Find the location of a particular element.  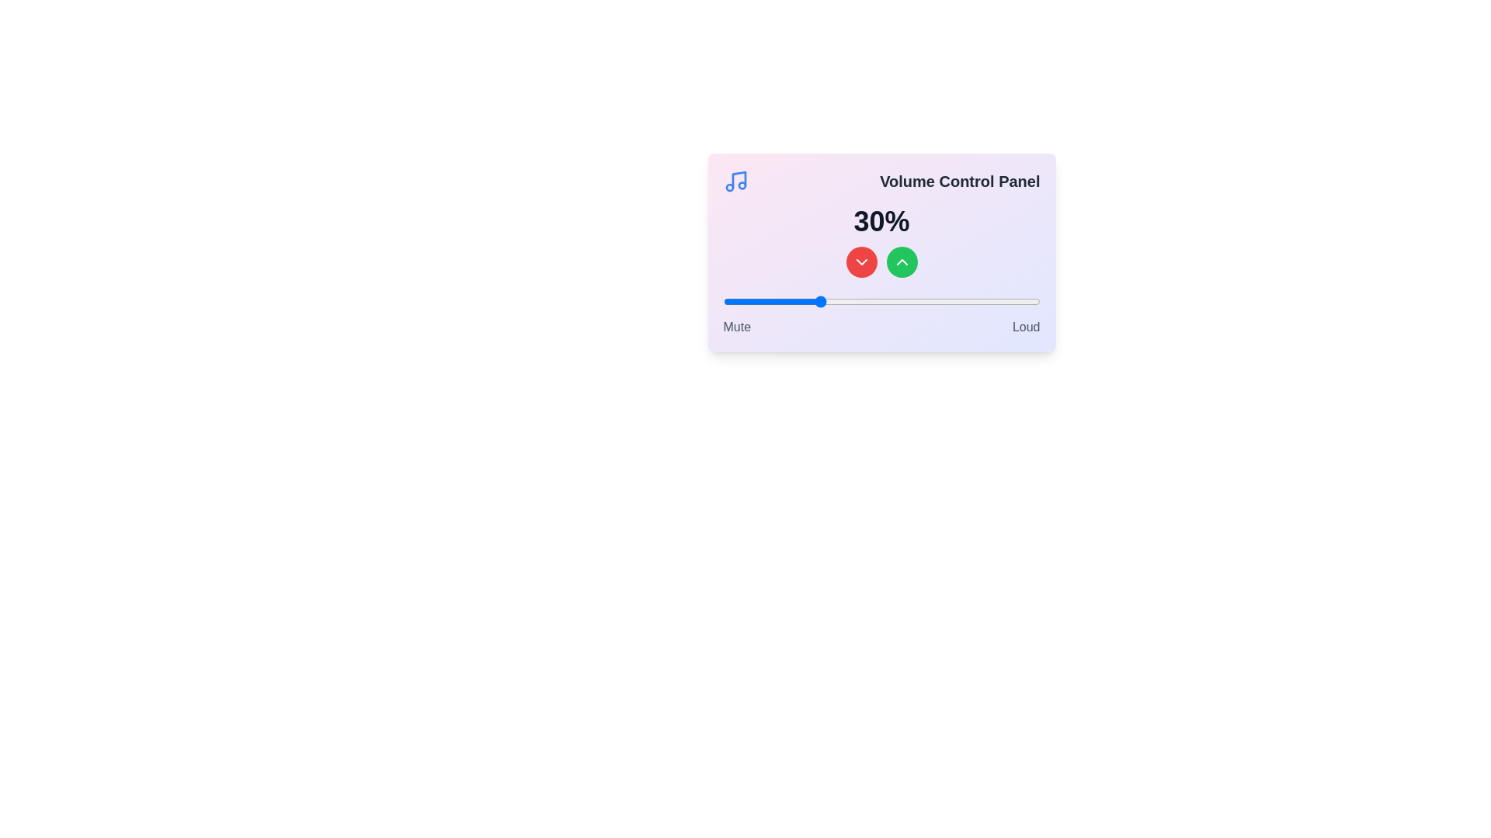

decrement volume button to lower the volume is located at coordinates (860, 261).